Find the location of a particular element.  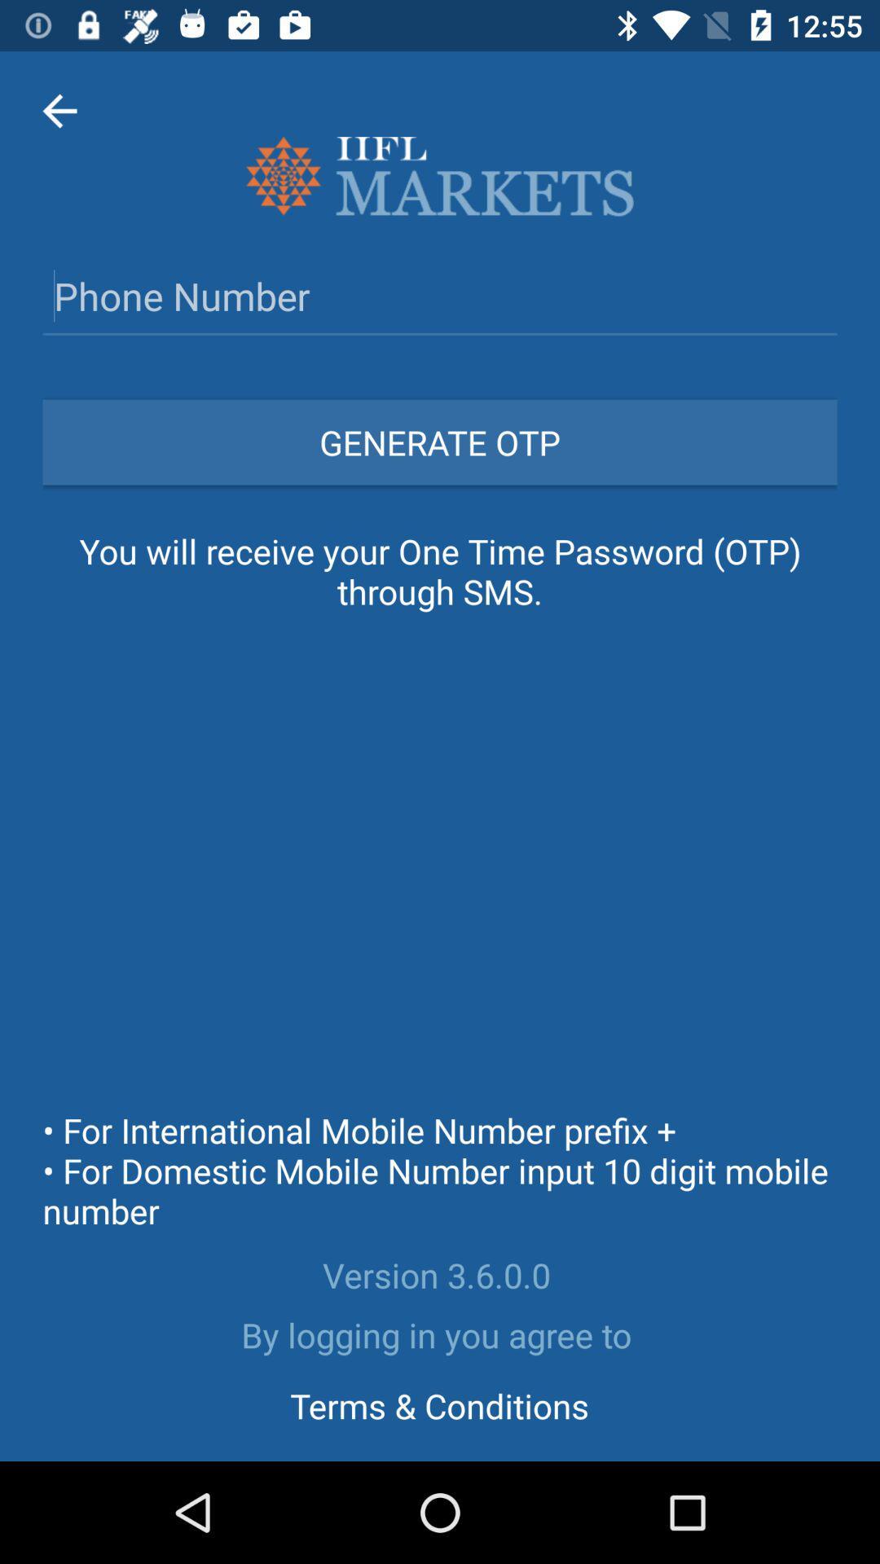

the generate otp icon is located at coordinates (440, 442).